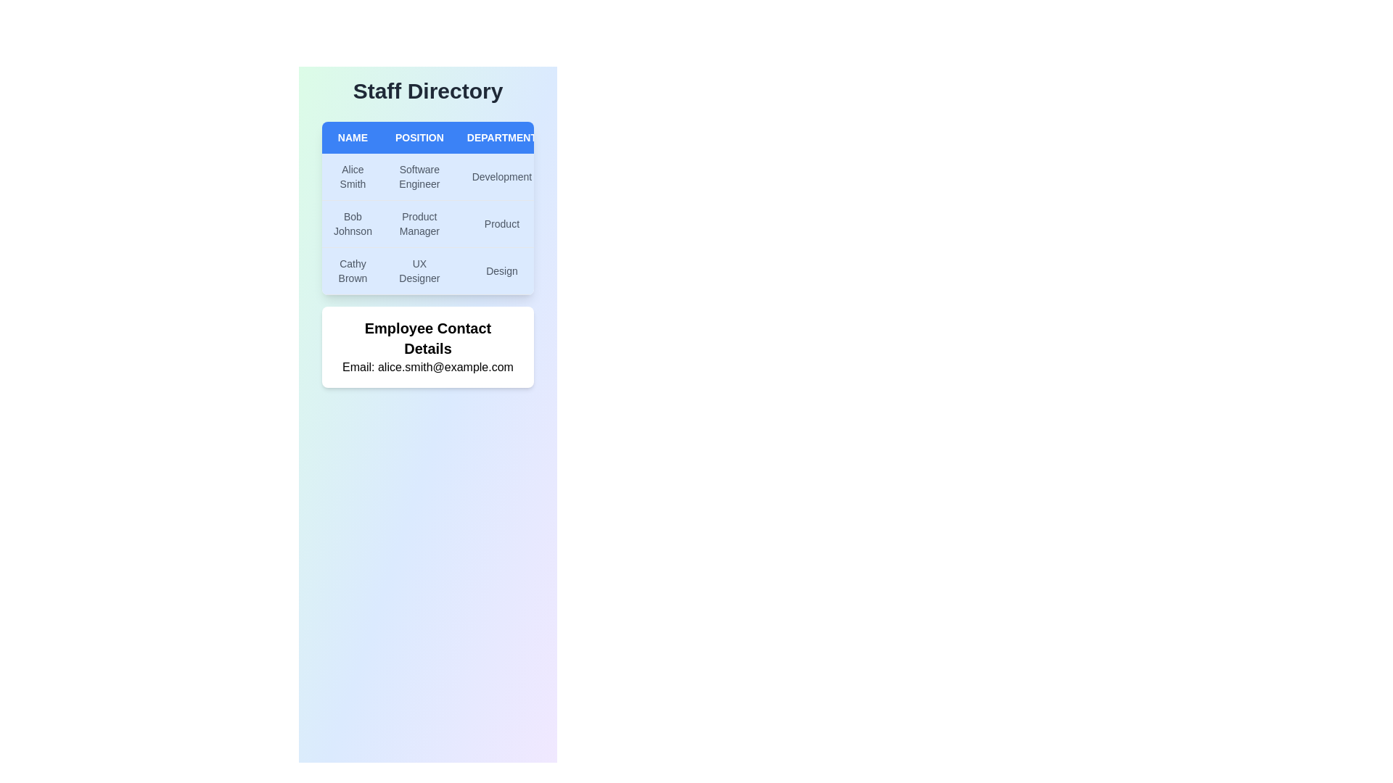 Image resolution: width=1393 pixels, height=783 pixels. What do you see at coordinates (469, 224) in the screenshot?
I see `the second row of the 'Staff Directory' table` at bounding box center [469, 224].